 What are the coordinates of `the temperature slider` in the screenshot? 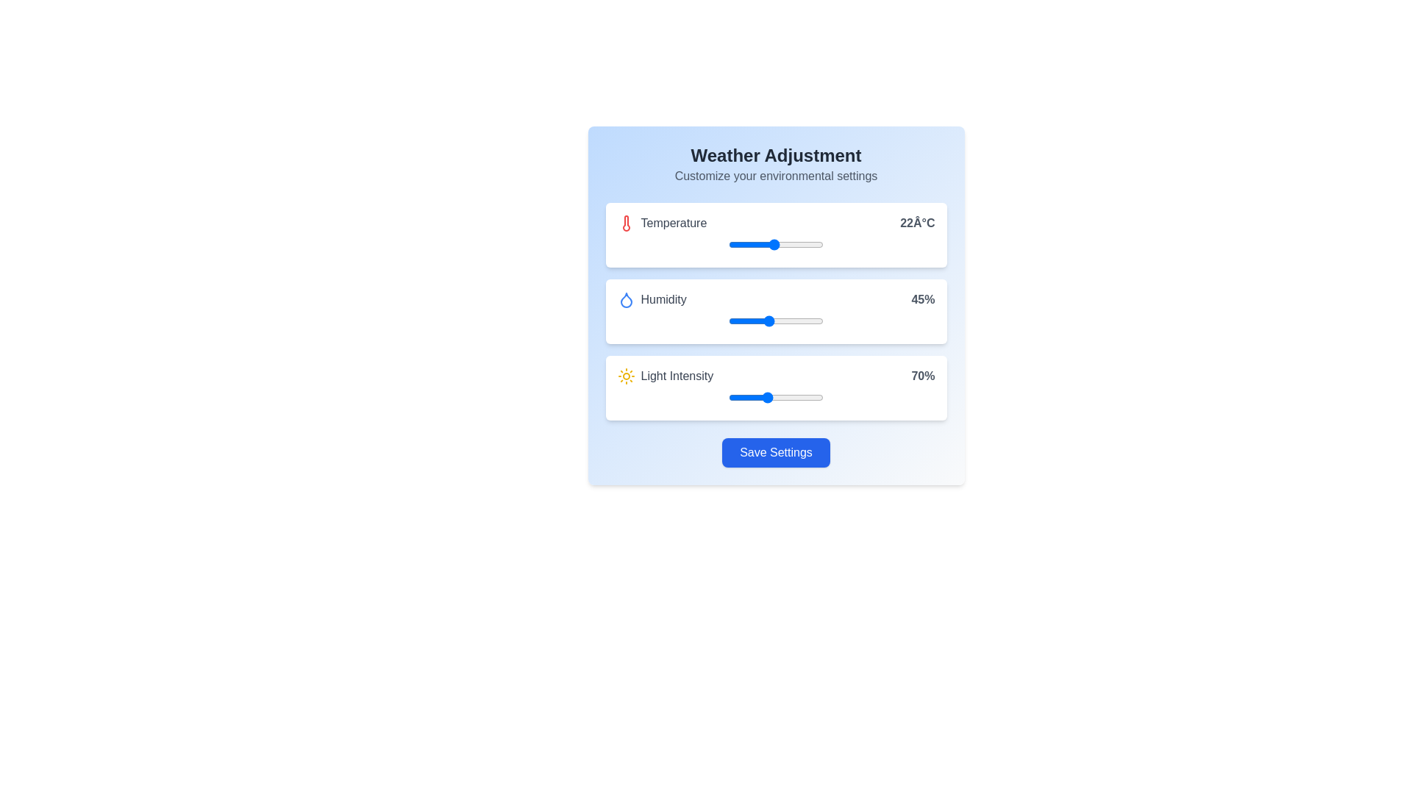 It's located at (785, 243).